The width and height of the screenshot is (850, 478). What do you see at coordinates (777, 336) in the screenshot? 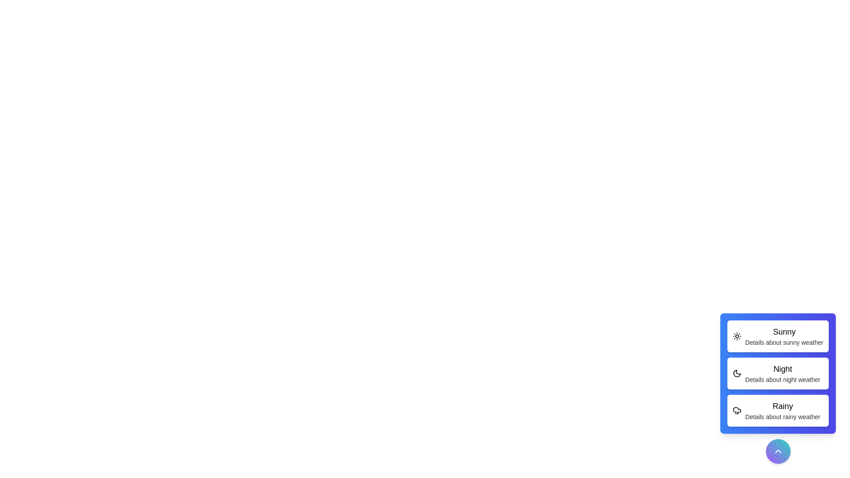
I see `the weather option Sunny` at bounding box center [777, 336].